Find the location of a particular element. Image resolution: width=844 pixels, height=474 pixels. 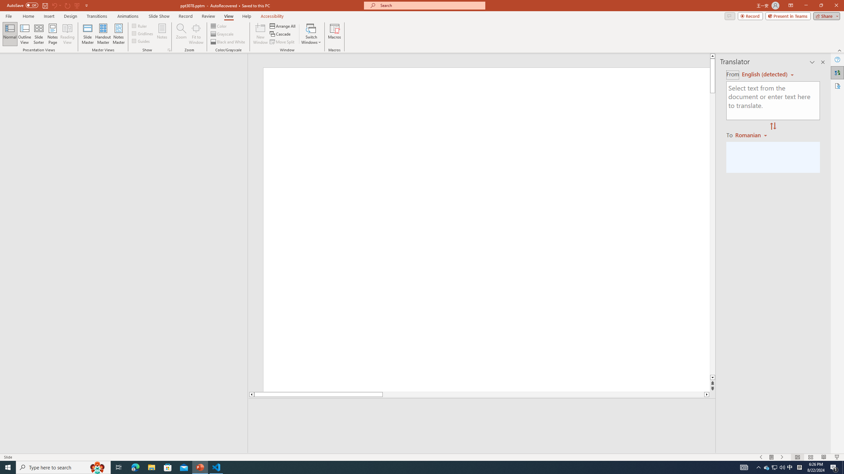

'Swap "from" and "to" languages.' is located at coordinates (772, 126).